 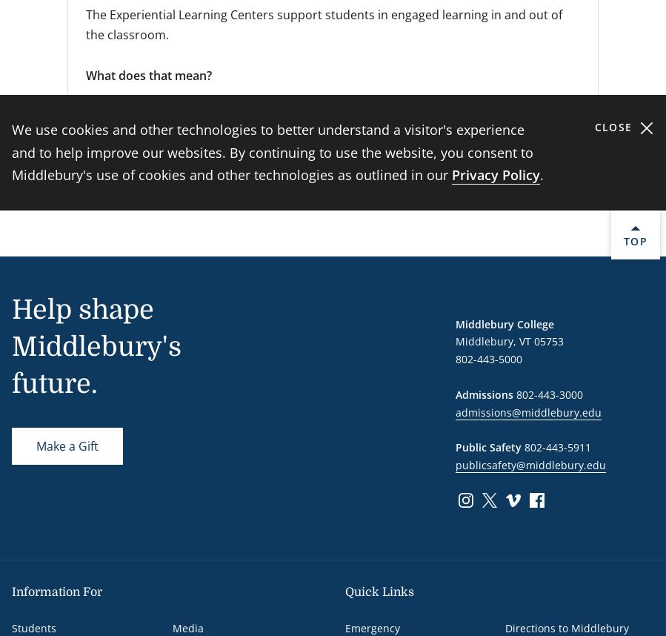 What do you see at coordinates (56, 592) in the screenshot?
I see `'Information For'` at bounding box center [56, 592].